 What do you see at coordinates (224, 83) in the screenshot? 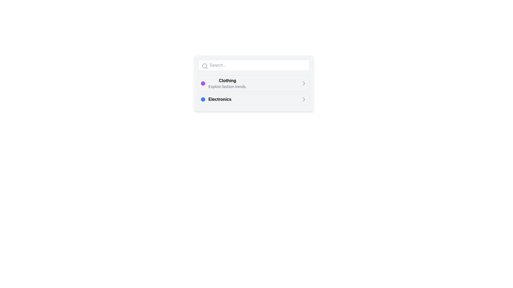
I see `the 'Clothing' category list item, which features a circular purple icon on the left, a bolded title 'Clothing' in black text, and a subtitle 'Explore fashion trends.' in smaller gray text underneath` at bounding box center [224, 83].